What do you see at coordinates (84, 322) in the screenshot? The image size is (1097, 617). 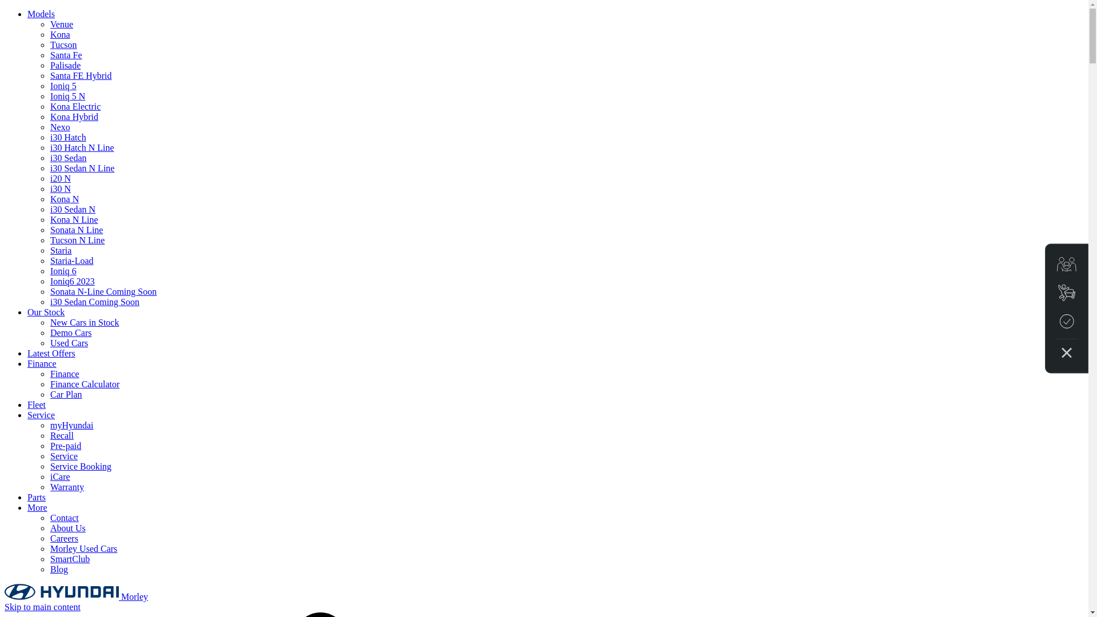 I see `'New Cars in Stock'` at bounding box center [84, 322].